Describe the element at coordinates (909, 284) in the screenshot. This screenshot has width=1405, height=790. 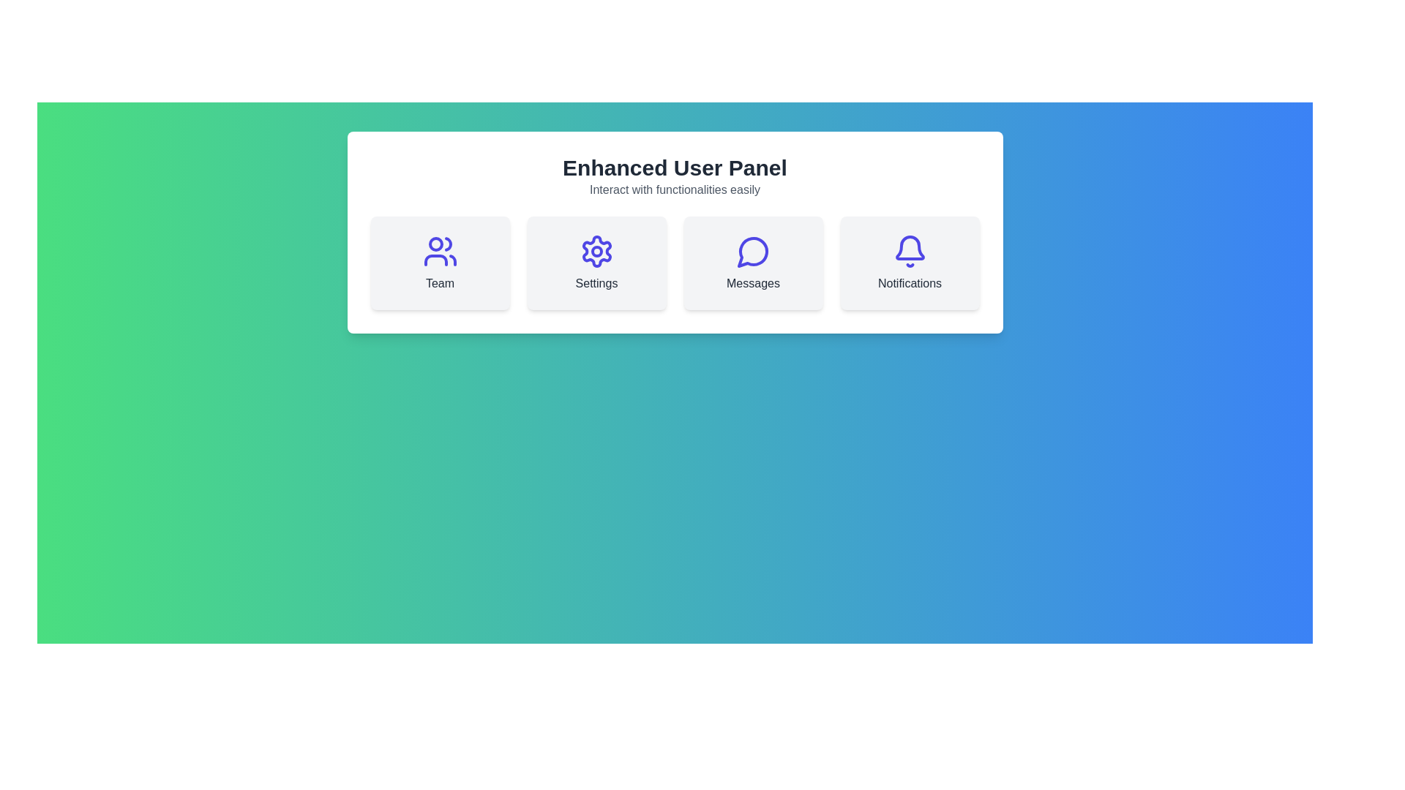
I see `the 'Notifications' text label, which is part of the fourth card from the left in a panel of similar components, displaying the word 'Notifications' in a medium-weight gray font that darkens upon hover` at that location.